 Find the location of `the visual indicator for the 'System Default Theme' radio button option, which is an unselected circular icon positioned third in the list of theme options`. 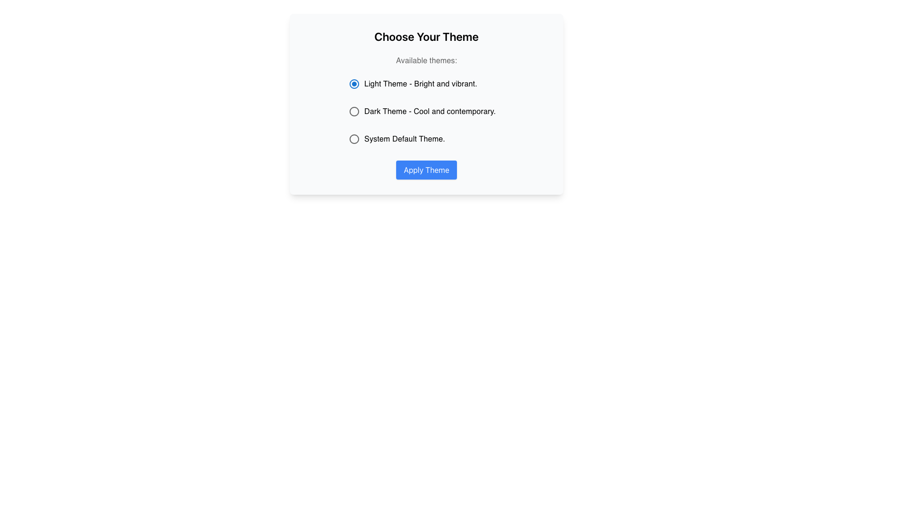

the visual indicator for the 'System Default Theme' radio button option, which is an unselected circular icon positioned third in the list of theme options is located at coordinates (354, 139).